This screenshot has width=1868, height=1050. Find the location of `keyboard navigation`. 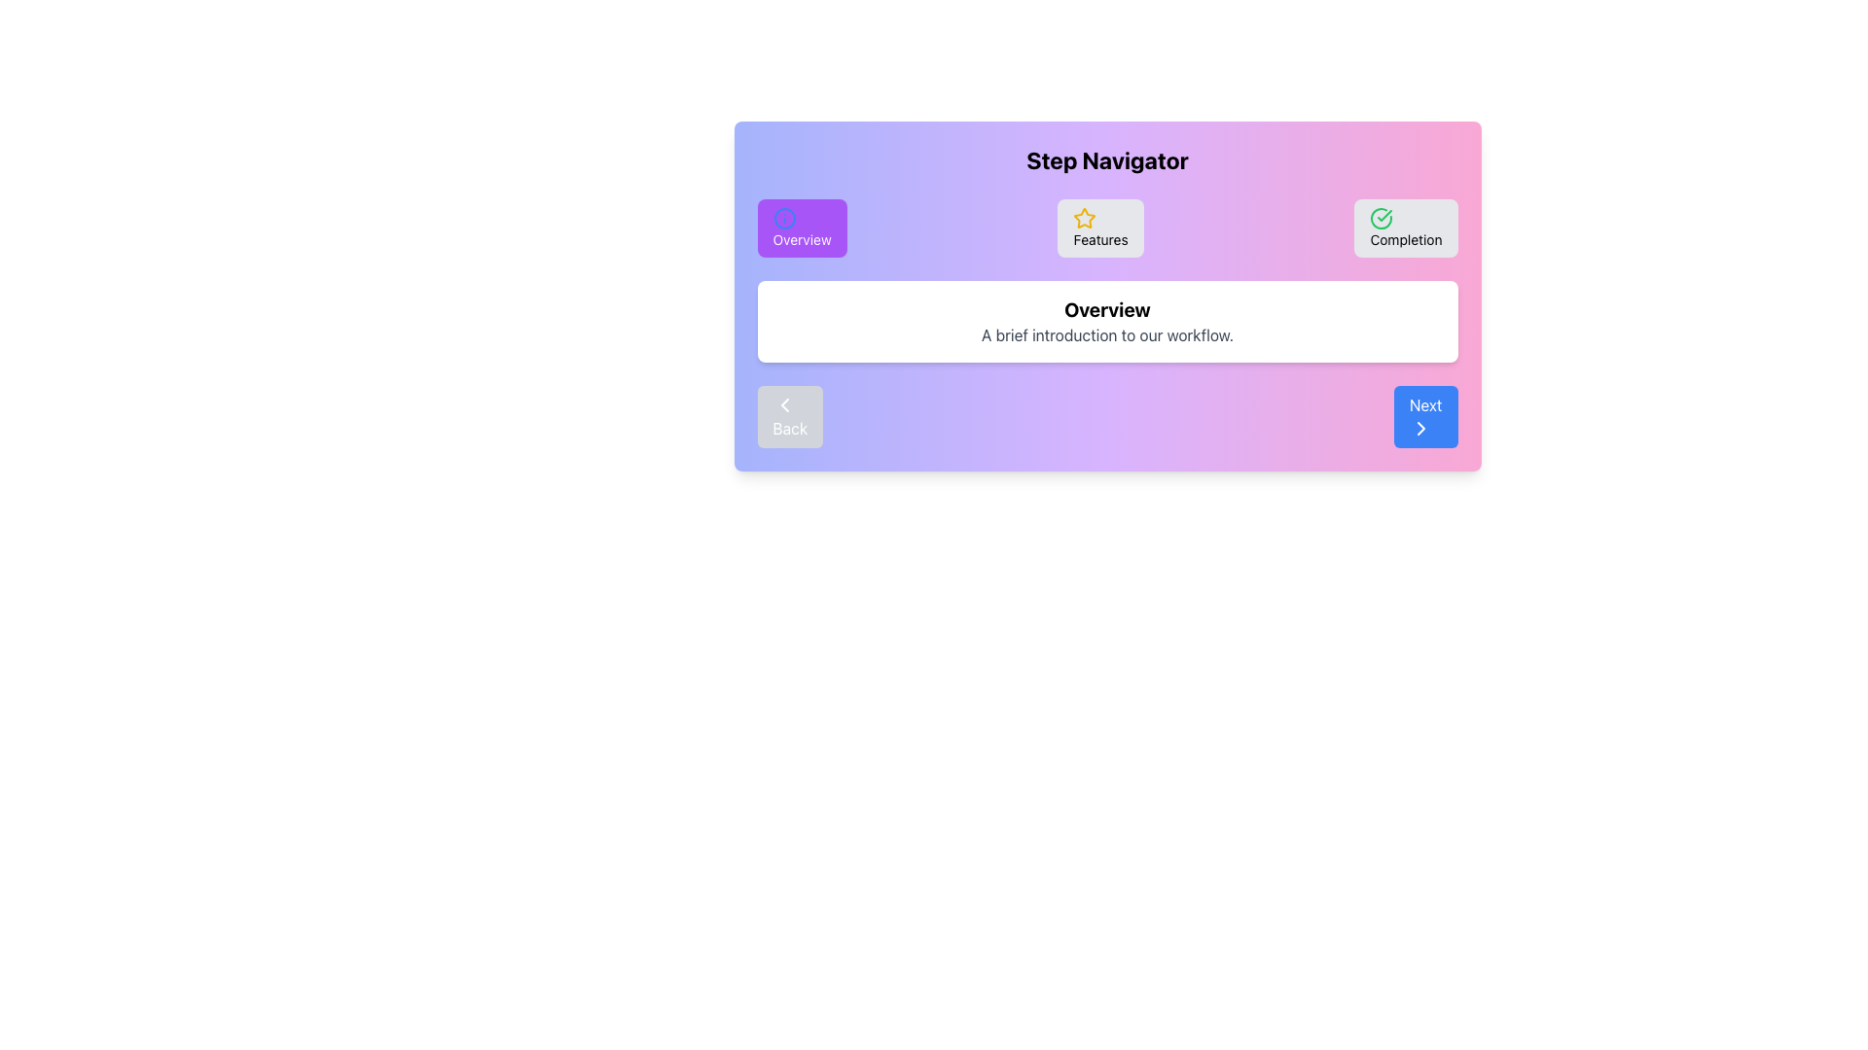

keyboard navigation is located at coordinates (1420, 427).